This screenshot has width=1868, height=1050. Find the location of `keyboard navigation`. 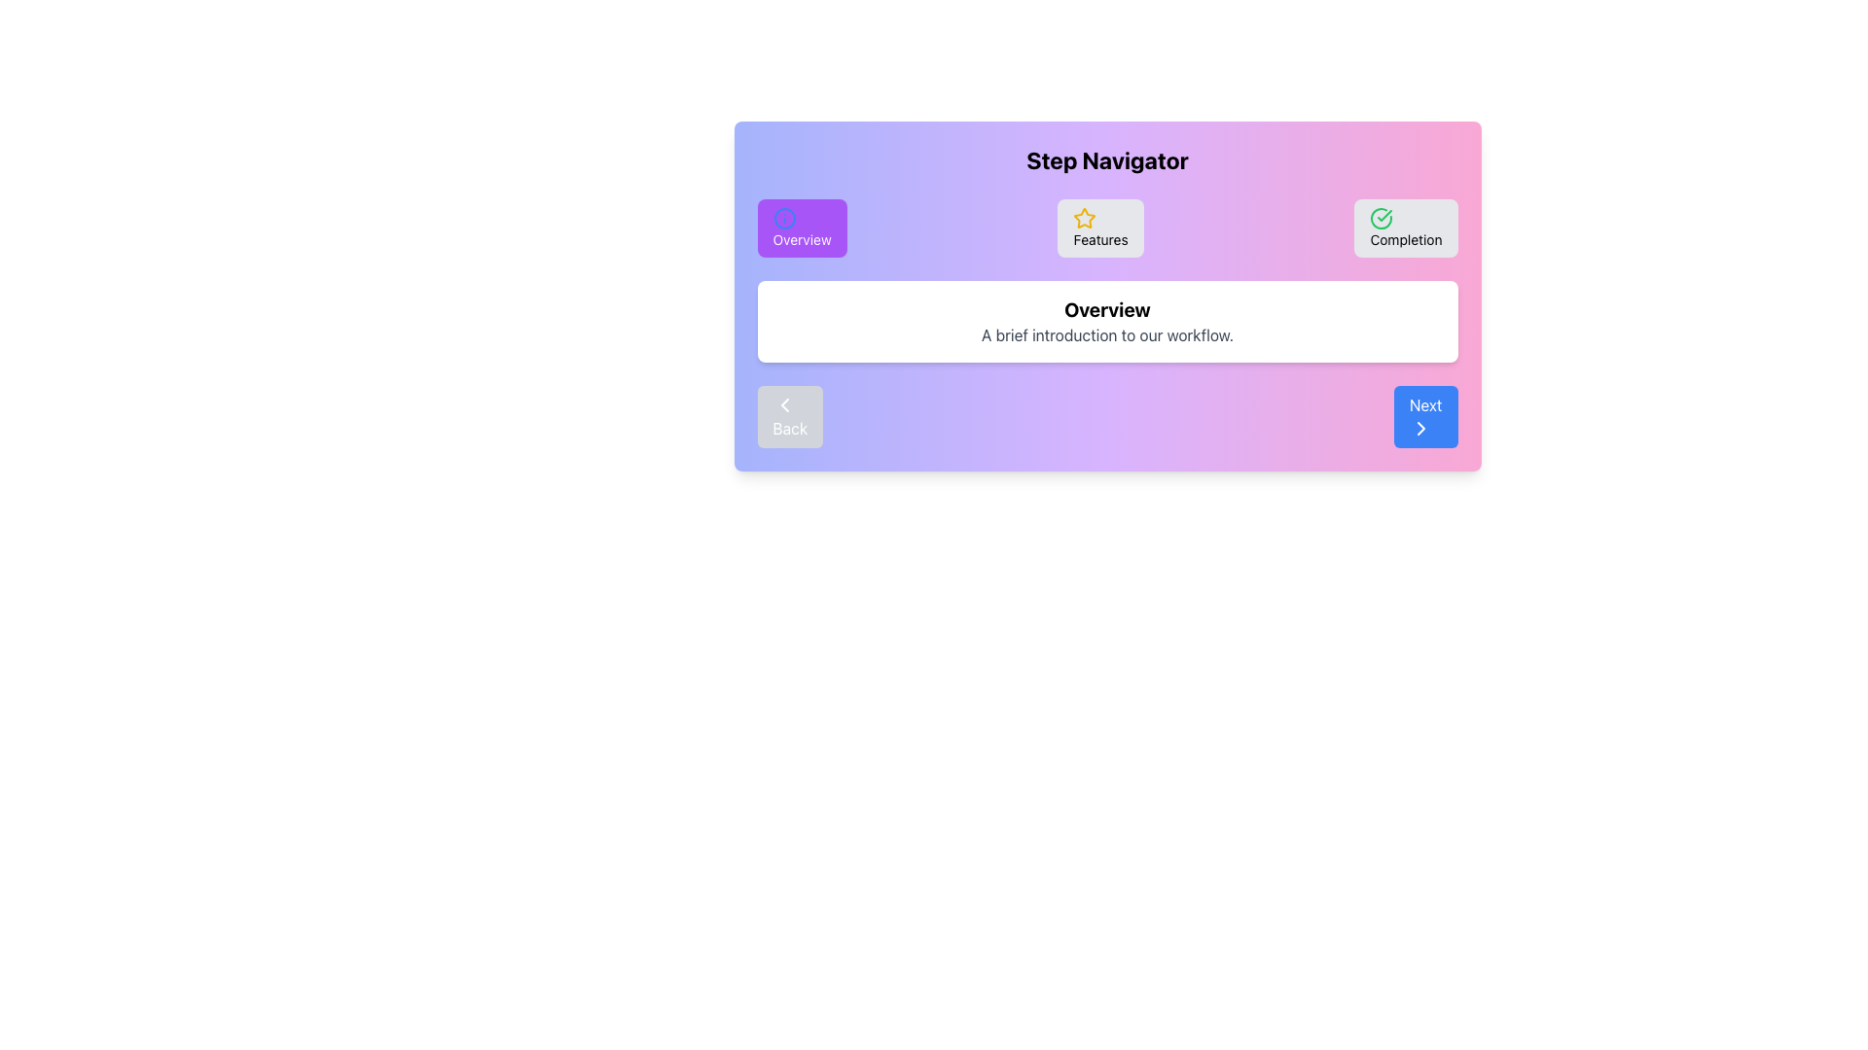

keyboard navigation is located at coordinates (1420, 427).